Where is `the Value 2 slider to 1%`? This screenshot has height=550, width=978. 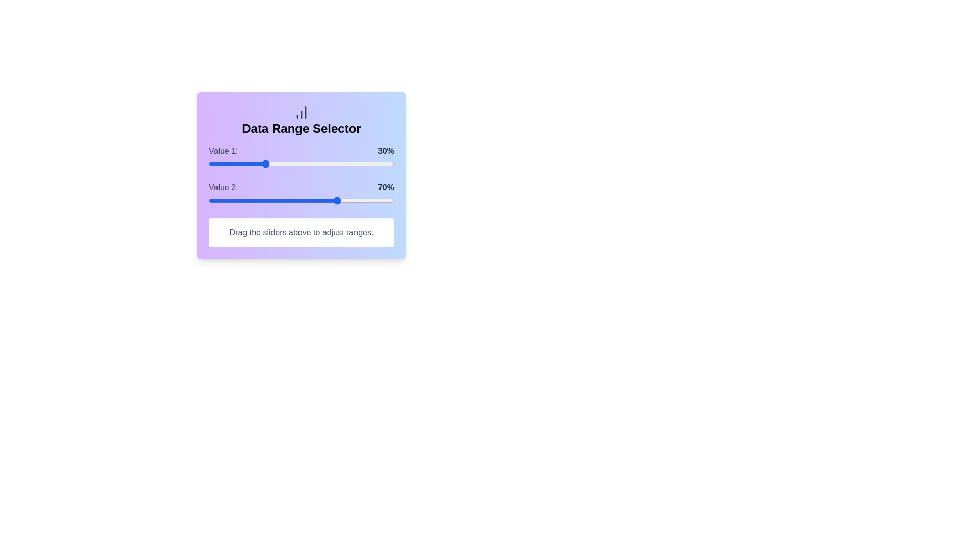 the Value 2 slider to 1% is located at coordinates (210, 200).